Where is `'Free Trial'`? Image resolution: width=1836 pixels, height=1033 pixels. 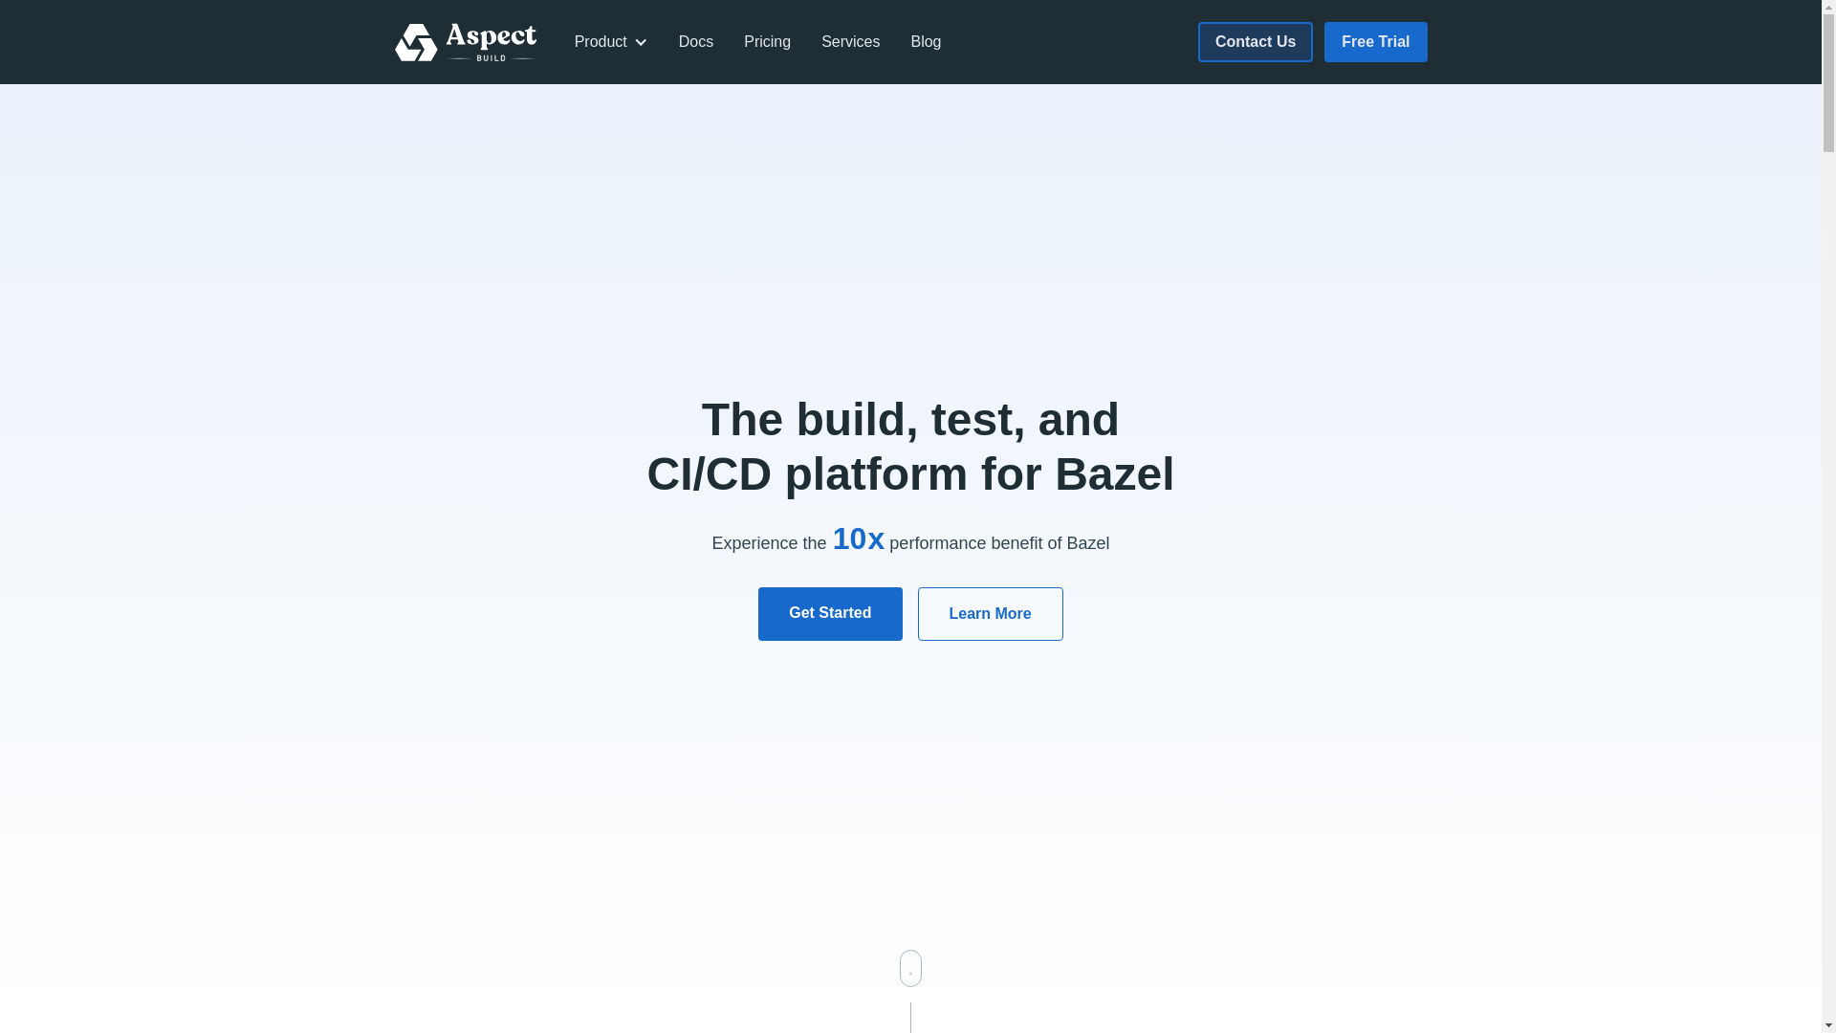
'Free Trial' is located at coordinates (1323, 41).